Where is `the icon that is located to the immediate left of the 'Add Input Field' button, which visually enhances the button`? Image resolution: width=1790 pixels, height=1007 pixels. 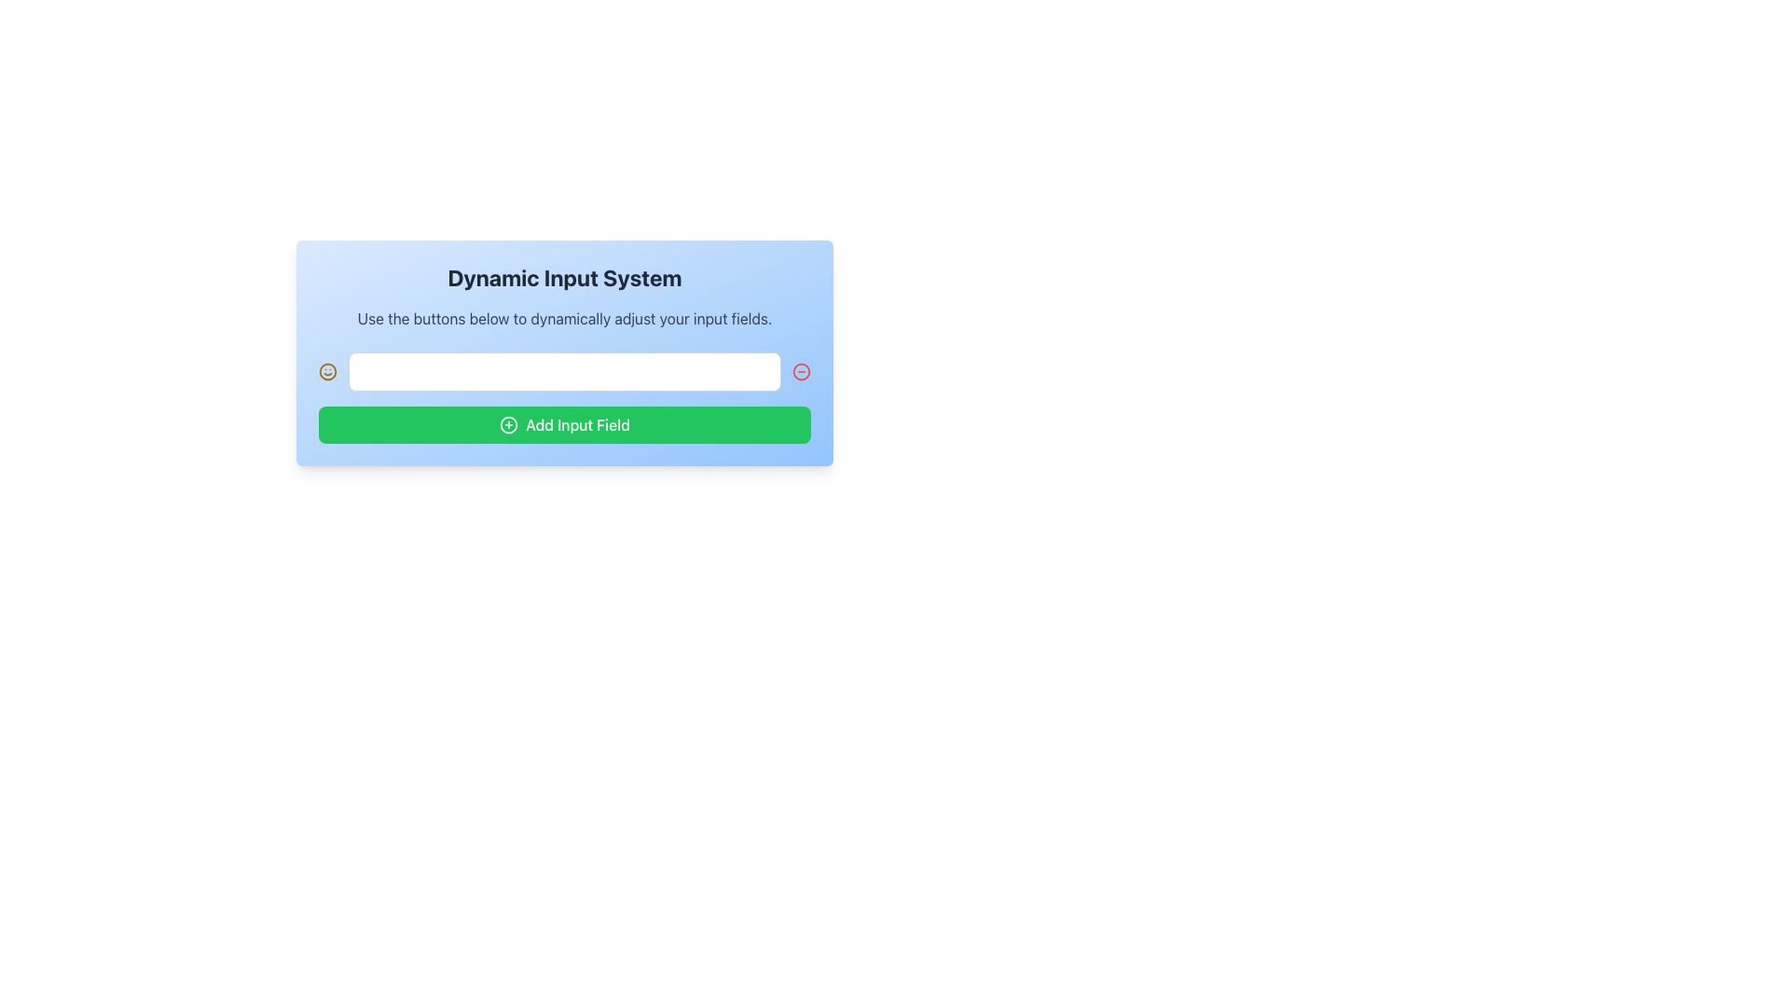 the icon that is located to the immediate left of the 'Add Input Field' button, which visually enhances the button is located at coordinates (509, 424).